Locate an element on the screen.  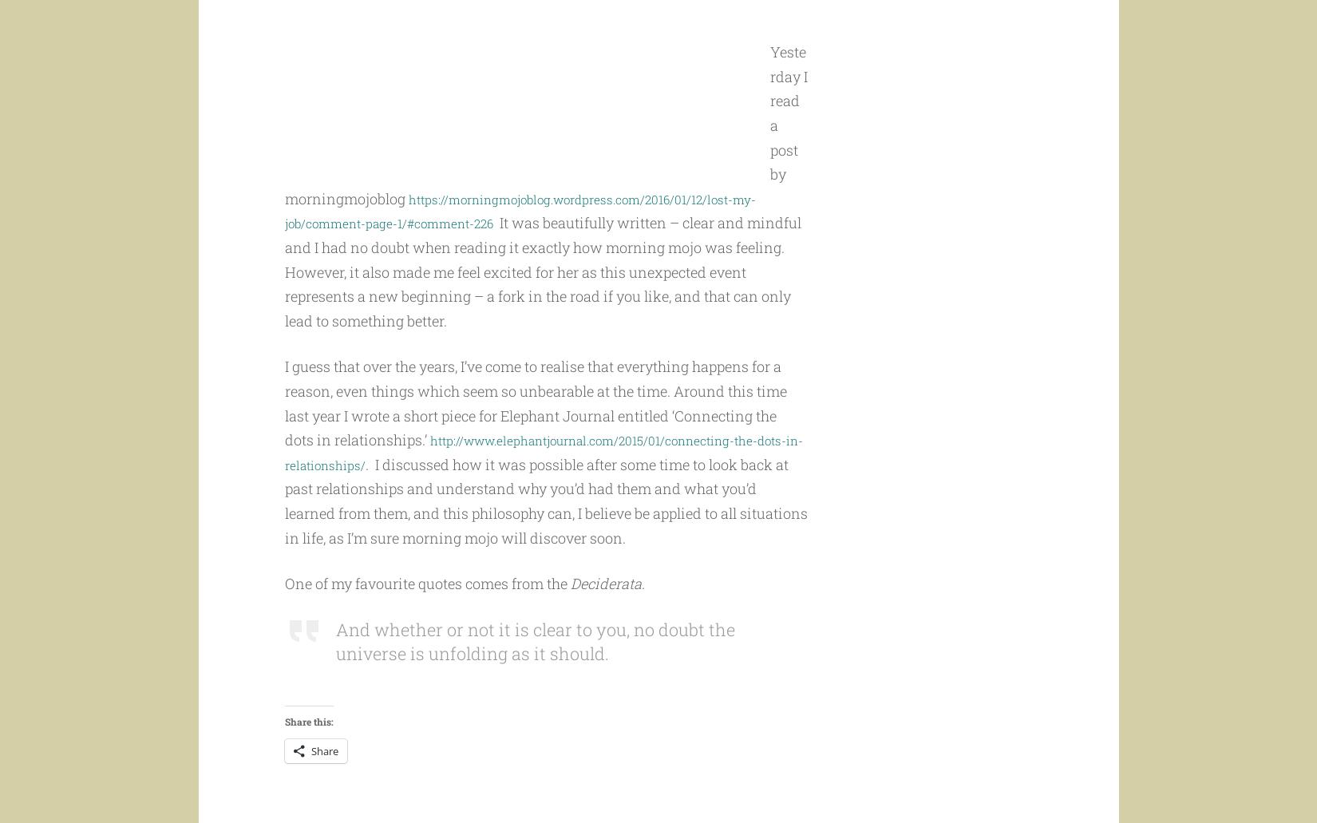
'One of my favourite quotes comes from the' is located at coordinates (425, 613).